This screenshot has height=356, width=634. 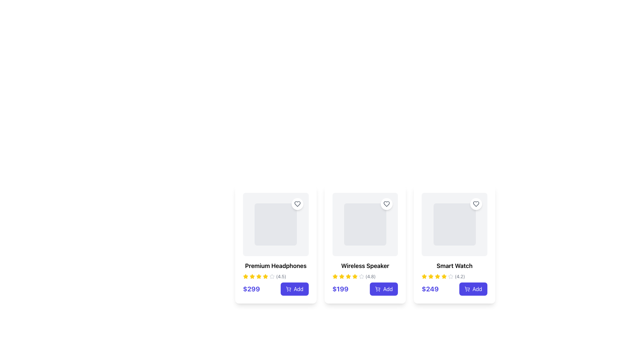 I want to click on the fourth star icon in the rating scale for the product 'Wireless Speaker', which signifies a rating of 4 out of 5, so click(x=348, y=277).